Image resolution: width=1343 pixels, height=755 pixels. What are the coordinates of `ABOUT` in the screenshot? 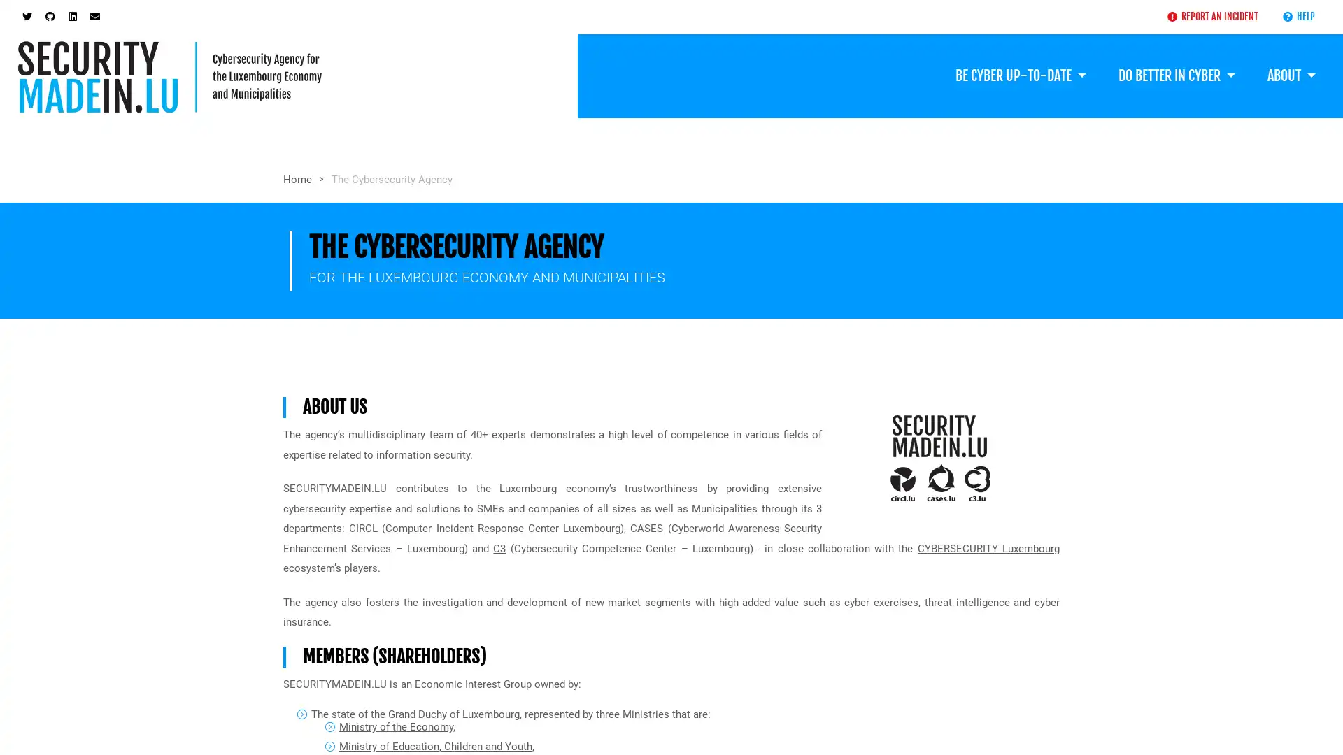 It's located at (1291, 75).